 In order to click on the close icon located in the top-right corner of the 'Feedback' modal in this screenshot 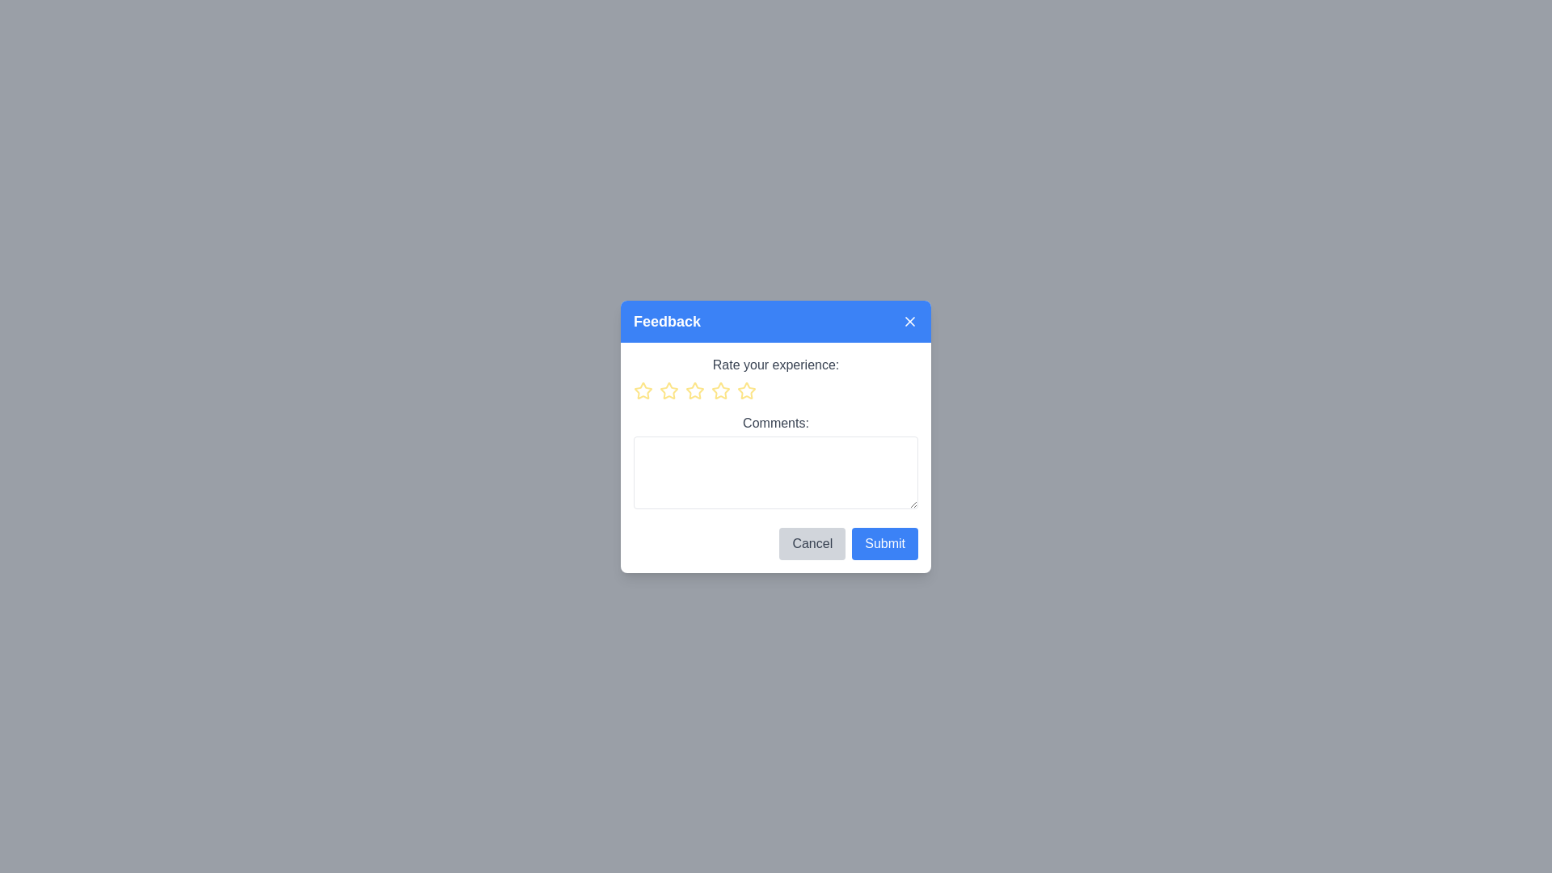, I will do `click(910, 321)`.